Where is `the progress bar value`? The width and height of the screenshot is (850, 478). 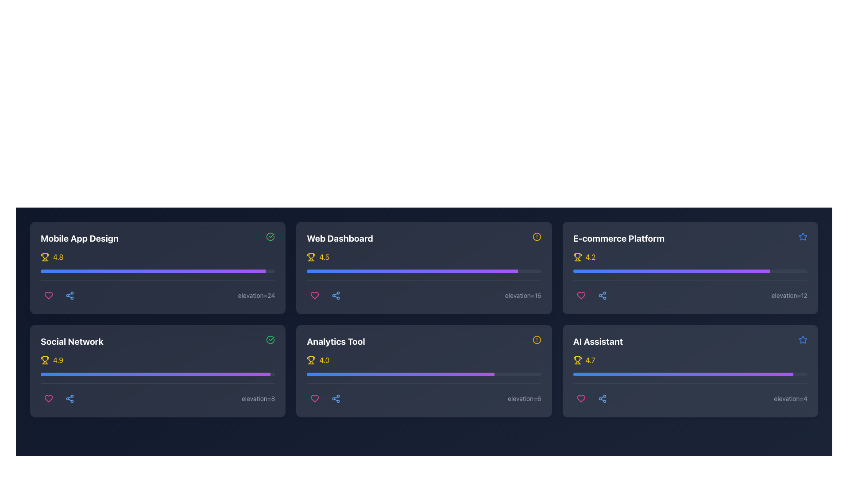 the progress bar value is located at coordinates (746, 271).